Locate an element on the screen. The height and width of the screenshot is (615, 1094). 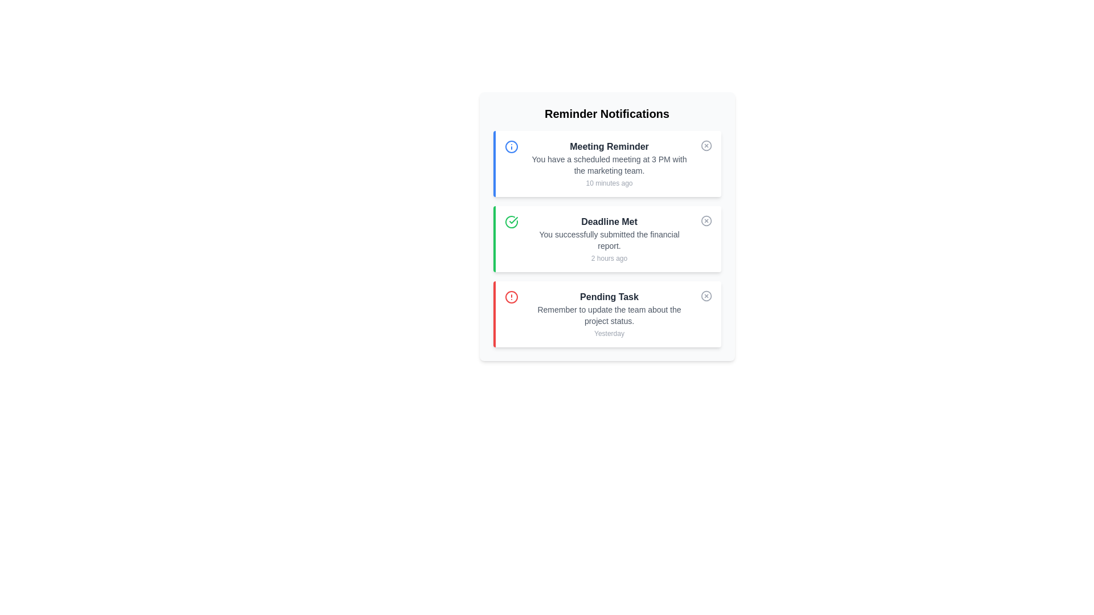
the warning icon located at the top-left corner of the 'Pending Task' notification in the 'Reminder Notifications' list is located at coordinates (511, 296).